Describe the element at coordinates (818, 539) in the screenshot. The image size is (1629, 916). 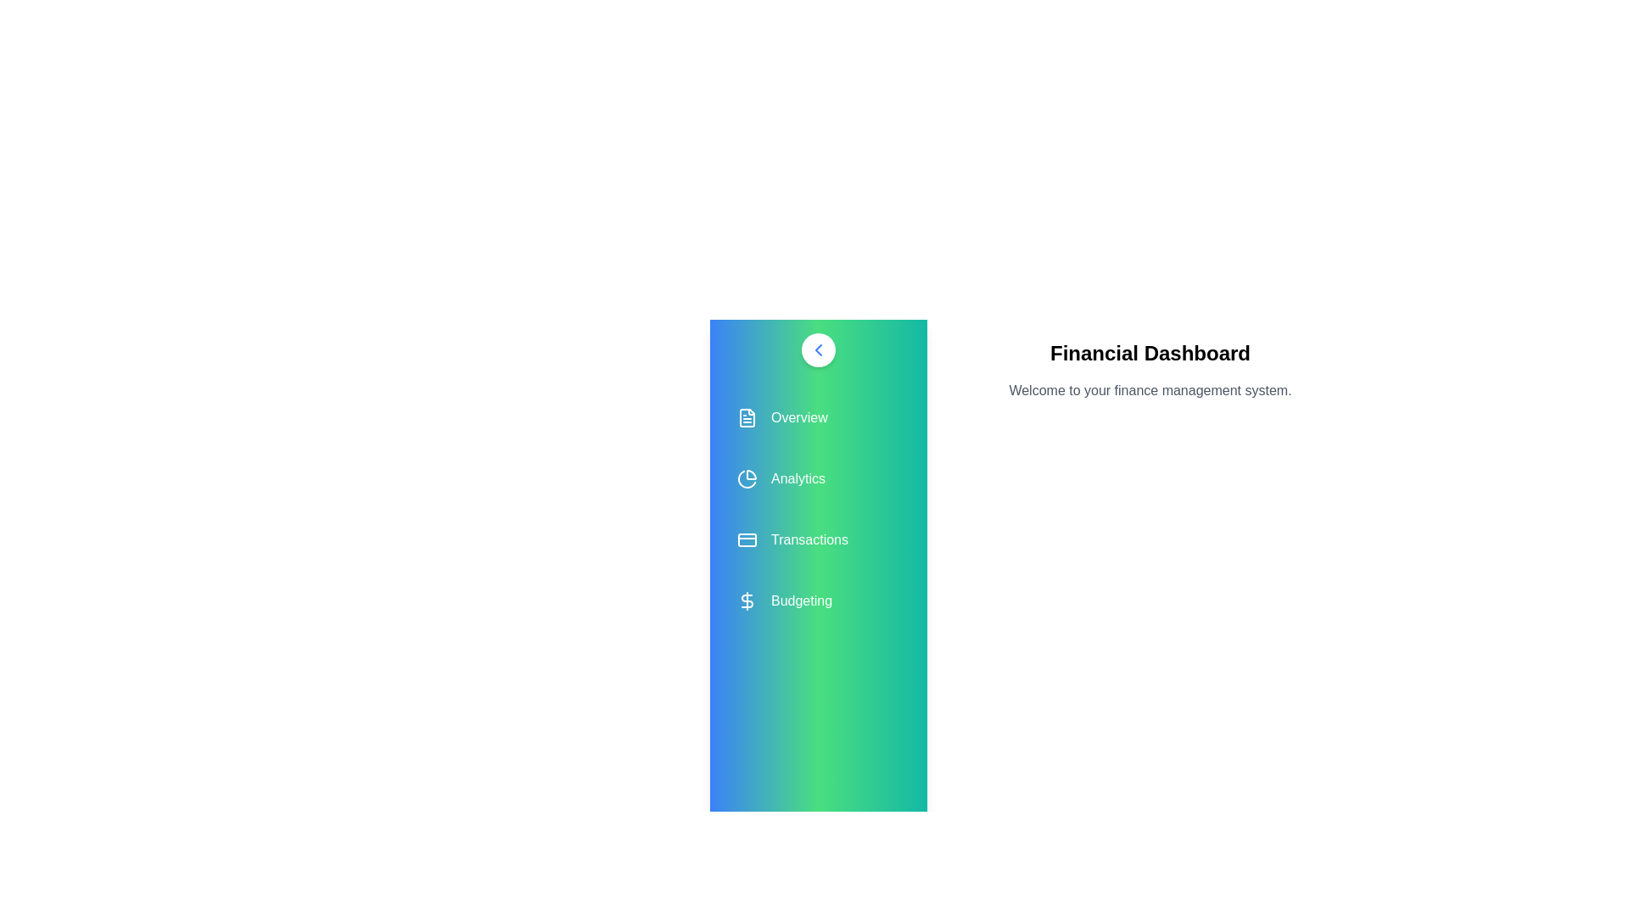
I see `the menu option Transactions from the FinancialDrawer` at that location.